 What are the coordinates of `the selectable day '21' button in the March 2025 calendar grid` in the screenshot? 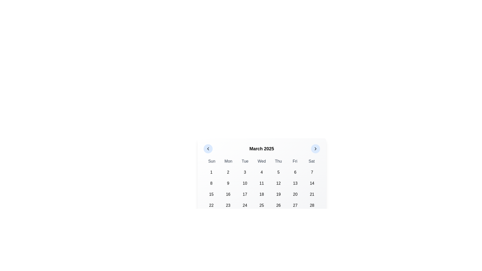 It's located at (312, 194).